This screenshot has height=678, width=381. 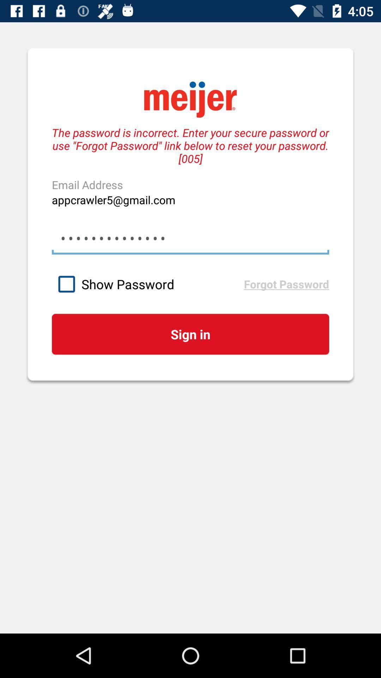 What do you see at coordinates (147, 284) in the screenshot?
I see `the icon next to the forgot password` at bounding box center [147, 284].